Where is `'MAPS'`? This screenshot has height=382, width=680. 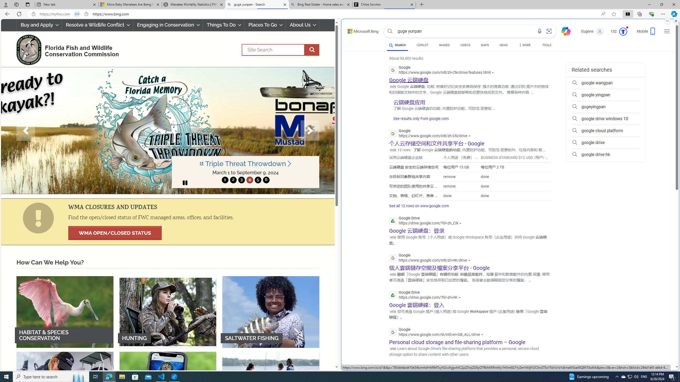
'MAPS' is located at coordinates (485, 45).